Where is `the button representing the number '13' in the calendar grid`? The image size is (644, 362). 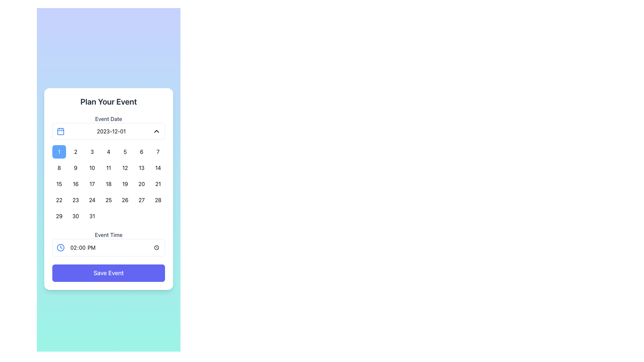 the button representing the number '13' in the calendar grid is located at coordinates (141, 168).